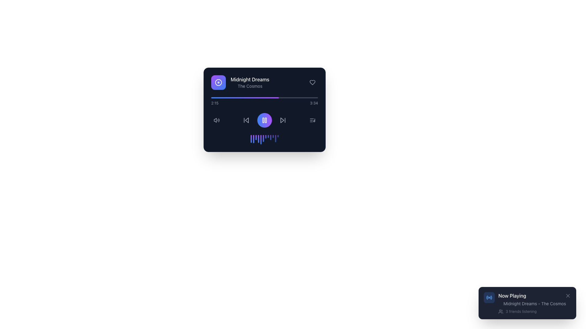 The image size is (586, 329). I want to click on text label indicating the current state of the music player, which shows that a song is currently playing. This label is located on the right-hand side of a notification UI component at the bottom-right corner of the interface, so click(512, 295).